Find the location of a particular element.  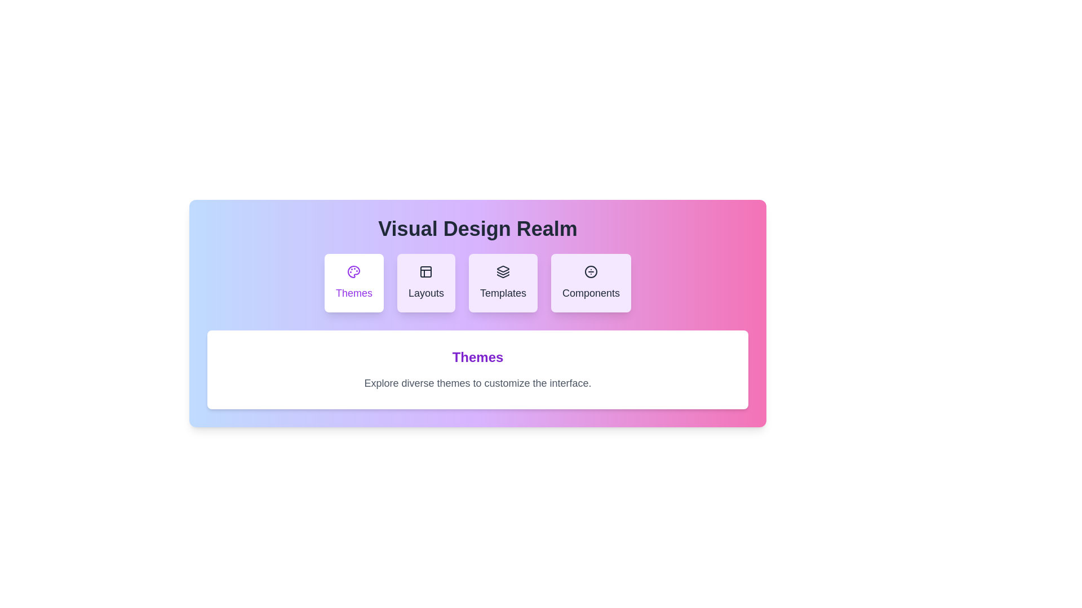

the Components tab to change the active feature is located at coordinates (591, 282).